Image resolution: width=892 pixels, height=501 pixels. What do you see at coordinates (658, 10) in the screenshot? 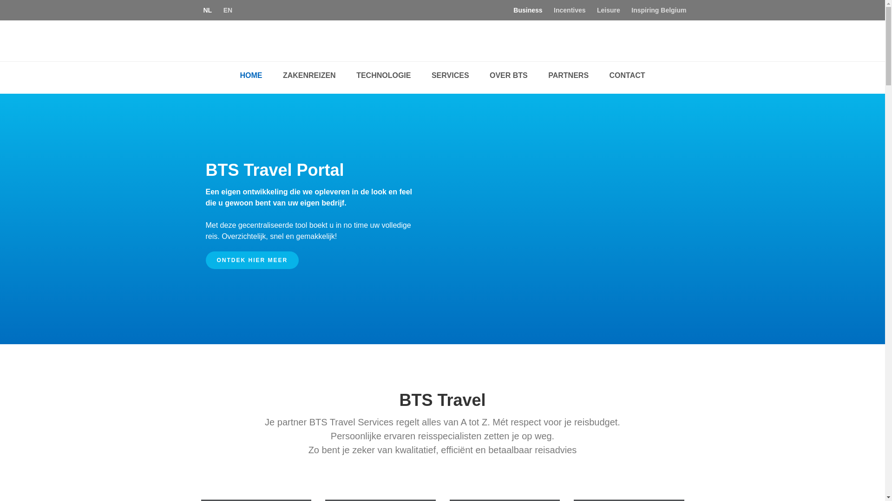
I see `'Inspiring Belgium'` at bounding box center [658, 10].